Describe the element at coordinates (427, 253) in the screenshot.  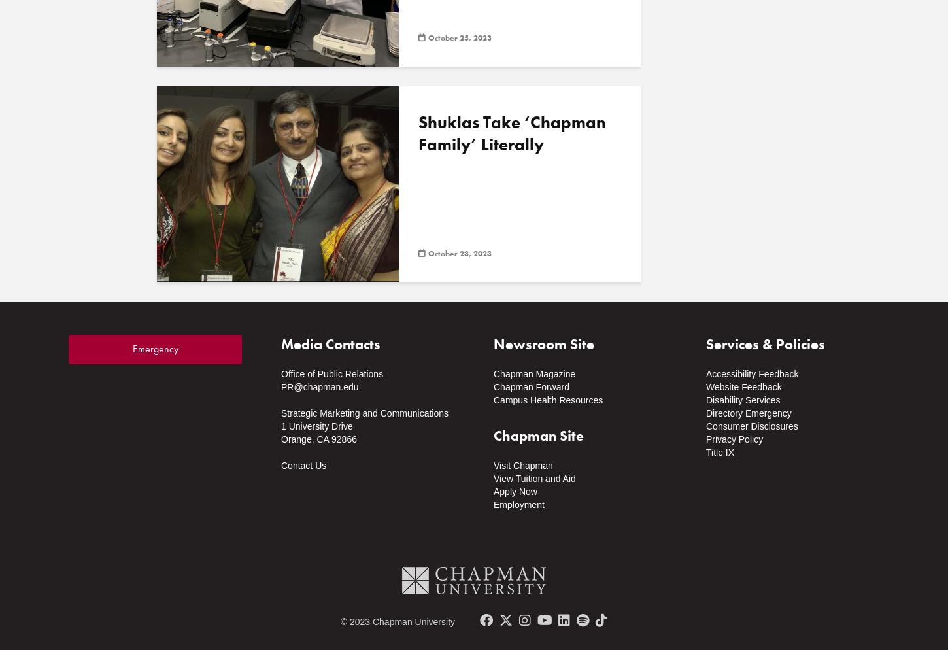
I see `'October 23, 2023'` at that location.